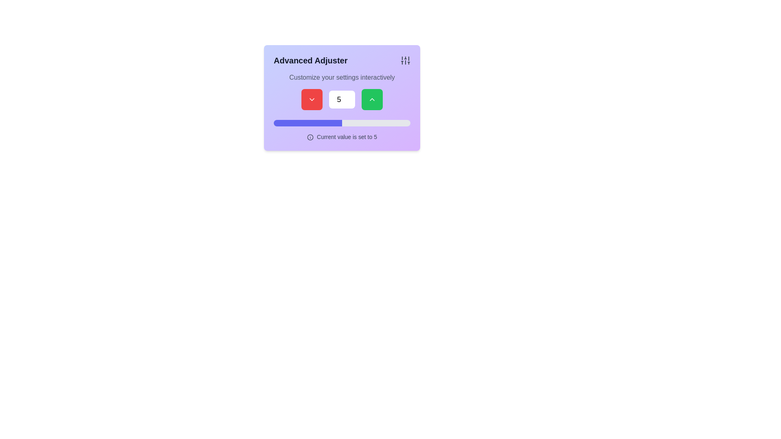 This screenshot has height=439, width=781. I want to click on inside the white rectangular Numeric input field with a black numerical value '5' to focus on it, so click(342, 99).